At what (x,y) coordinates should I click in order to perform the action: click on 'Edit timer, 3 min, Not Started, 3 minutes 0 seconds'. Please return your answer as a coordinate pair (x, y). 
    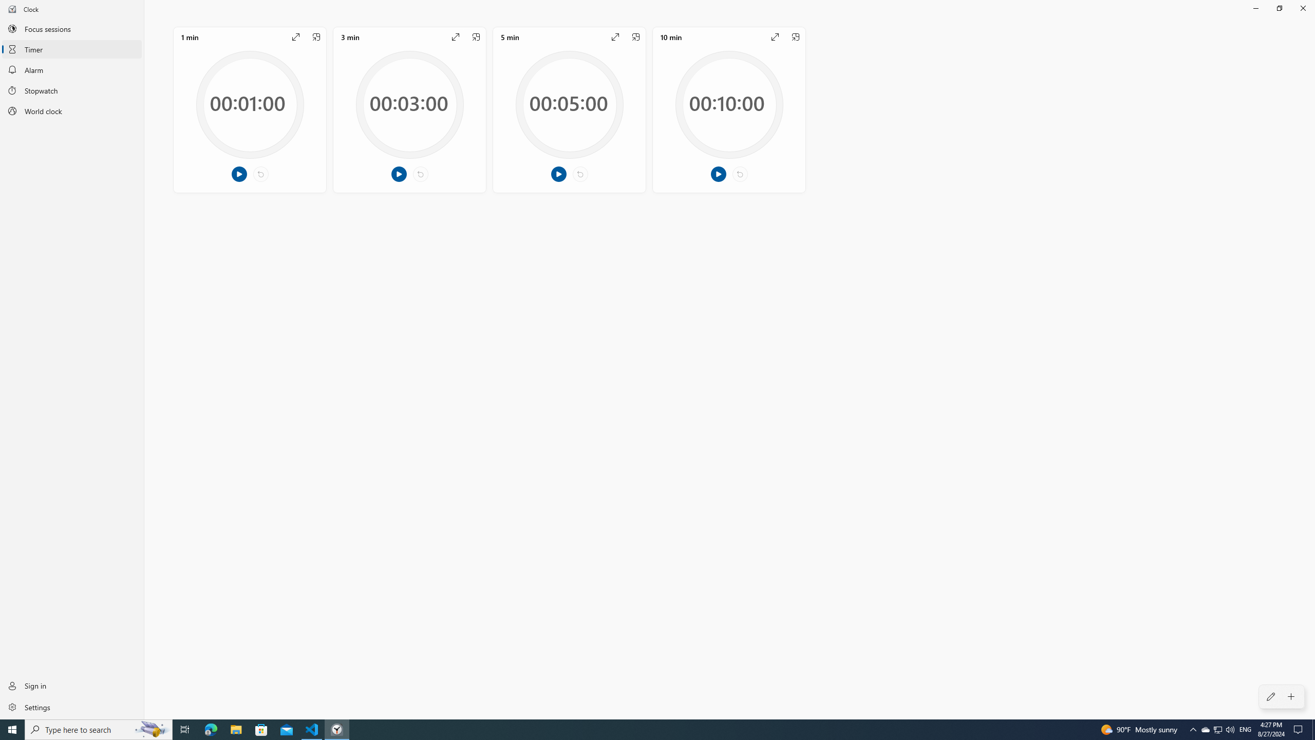
    Looking at the image, I should click on (409, 109).